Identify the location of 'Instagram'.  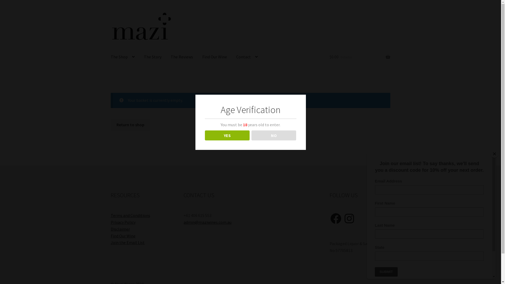
(349, 218).